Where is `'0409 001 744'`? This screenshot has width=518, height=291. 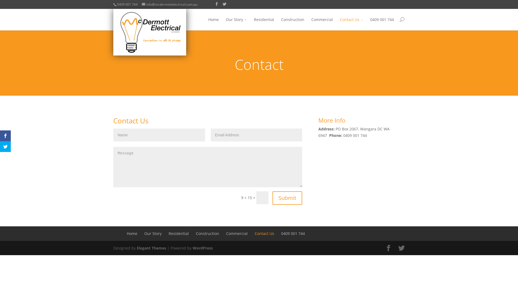 '0409 001 744' is located at coordinates (281, 233).